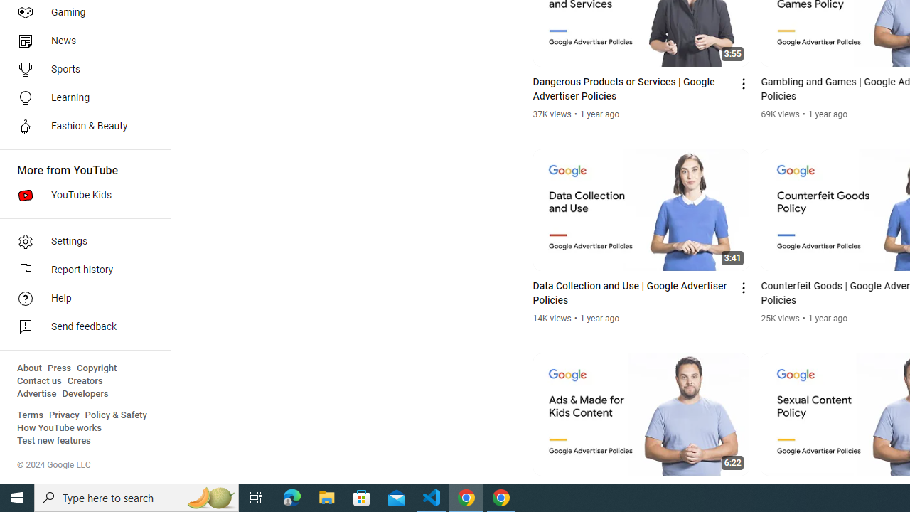  I want to click on 'Report history', so click(80, 270).